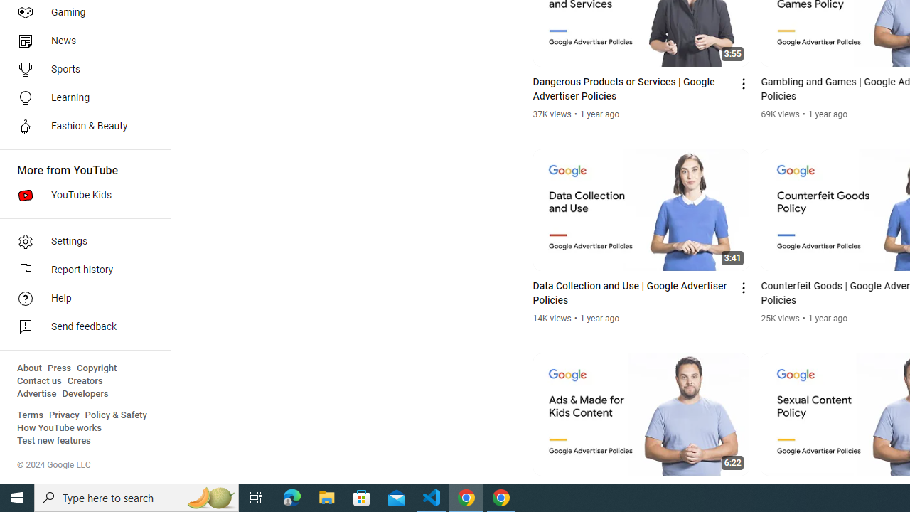  I want to click on 'Report history', so click(80, 270).